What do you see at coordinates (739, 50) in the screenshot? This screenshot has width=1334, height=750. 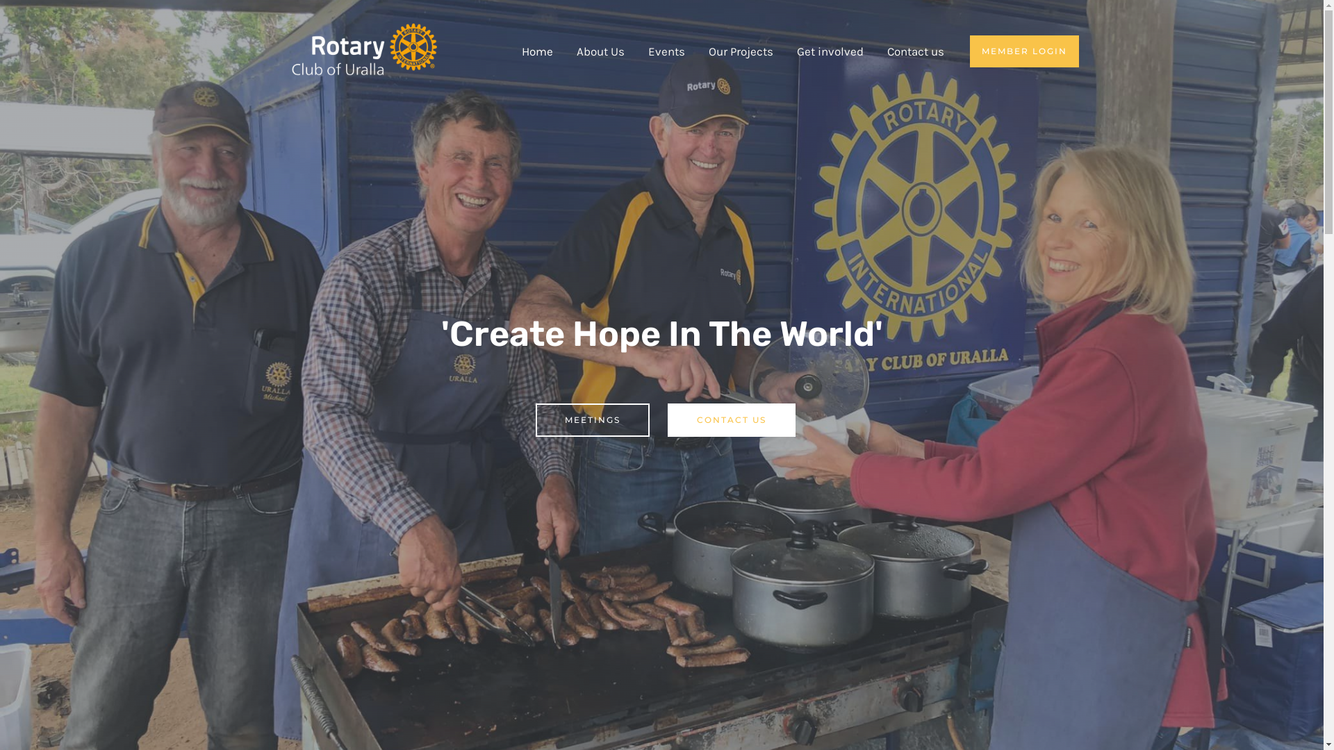 I see `'Our Projects'` at bounding box center [739, 50].